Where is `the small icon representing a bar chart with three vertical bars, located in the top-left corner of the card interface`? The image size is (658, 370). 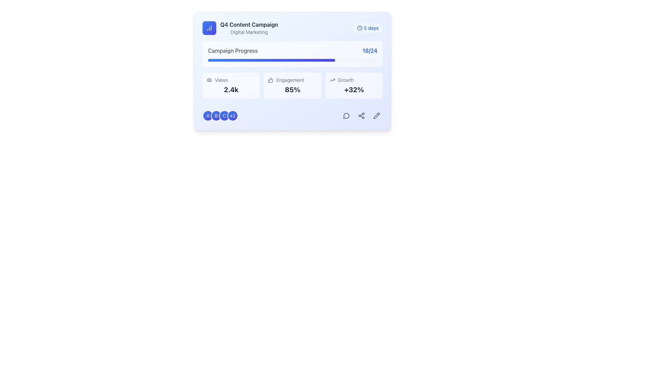 the small icon representing a bar chart with three vertical bars, located in the top-left corner of the card interface is located at coordinates (209, 27).